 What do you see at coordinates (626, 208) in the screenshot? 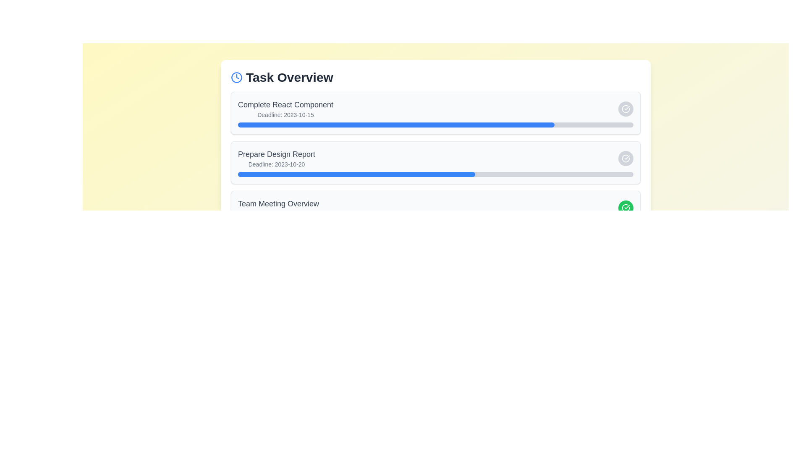
I see `the circular green button with a white checkmark icon in the 'Team Meeting Overview' section to activate hover effects` at bounding box center [626, 208].